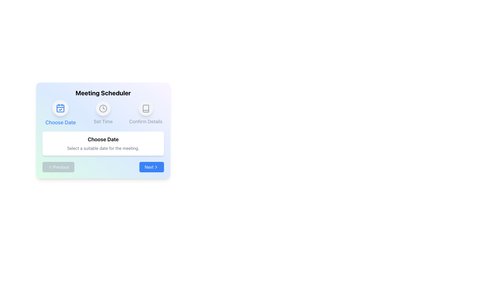  Describe the element at coordinates (146, 122) in the screenshot. I see `the 'Confirm Details' text label which is a gray-colored label in bold medium-sized font, positioned centrally below a circular book icon` at that location.